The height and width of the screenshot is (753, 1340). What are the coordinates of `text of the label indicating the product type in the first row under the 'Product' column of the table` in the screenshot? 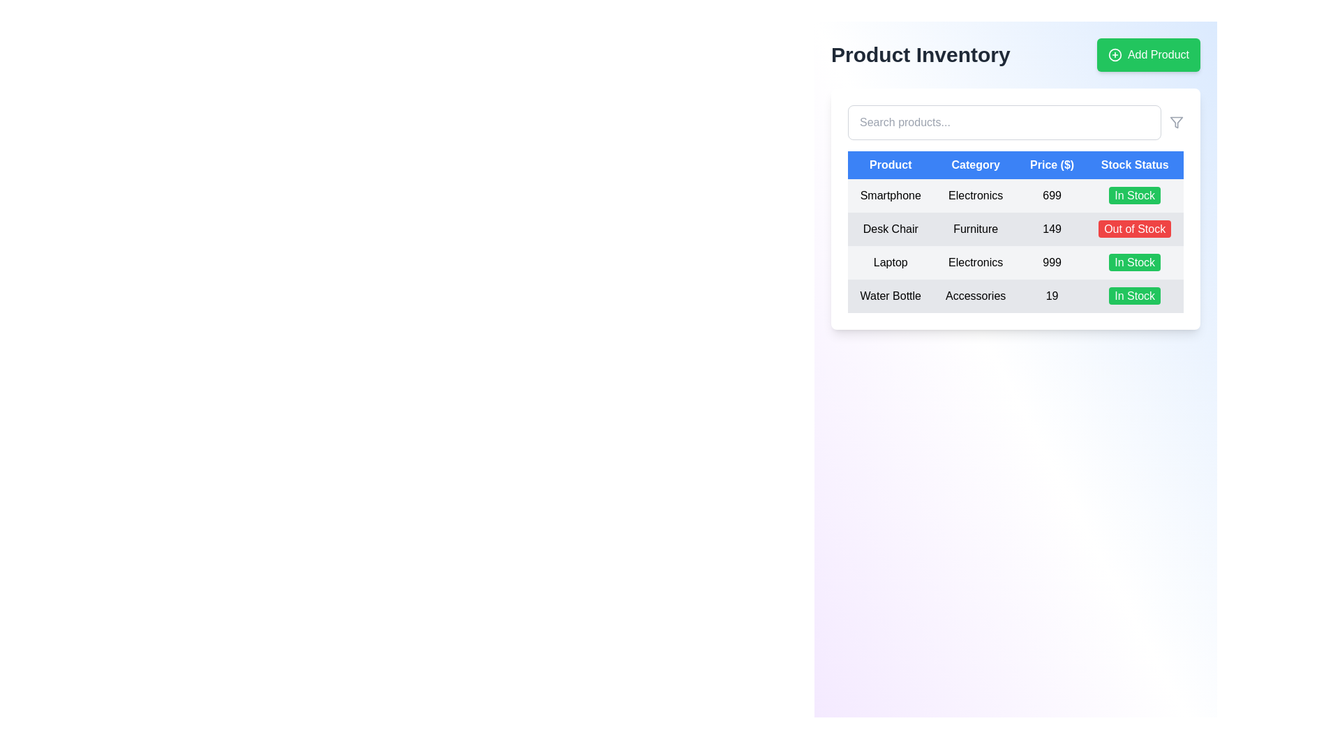 It's located at (890, 196).